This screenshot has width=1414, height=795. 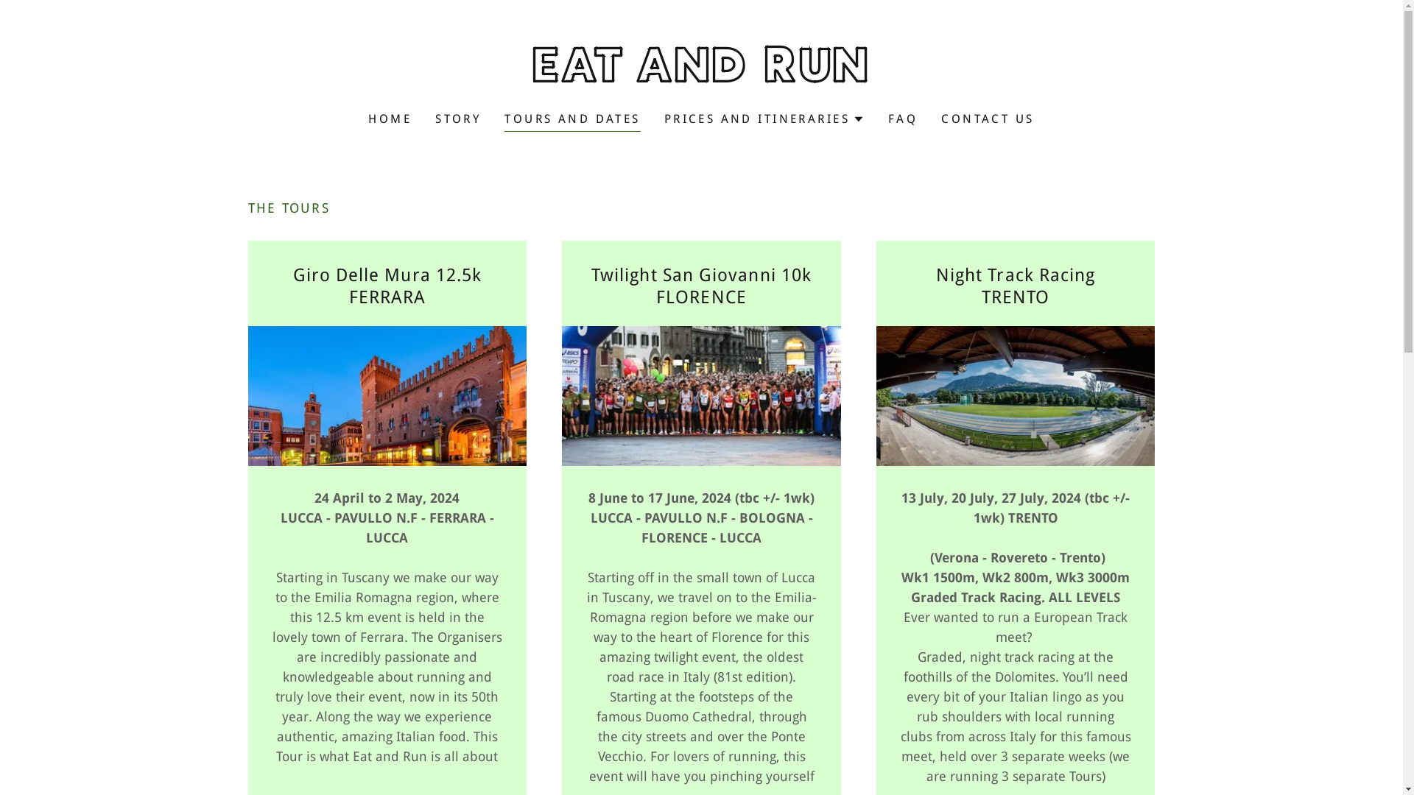 What do you see at coordinates (936, 119) in the screenshot?
I see `'CONTACT US'` at bounding box center [936, 119].